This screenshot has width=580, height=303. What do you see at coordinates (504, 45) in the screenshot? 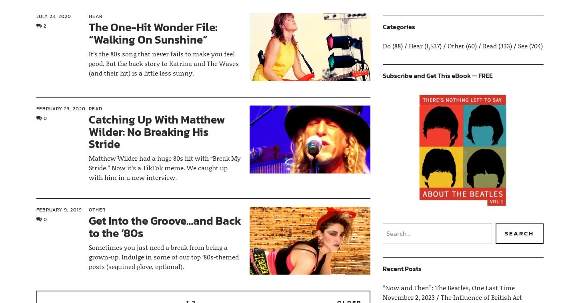
I see `'(333)'` at bounding box center [504, 45].